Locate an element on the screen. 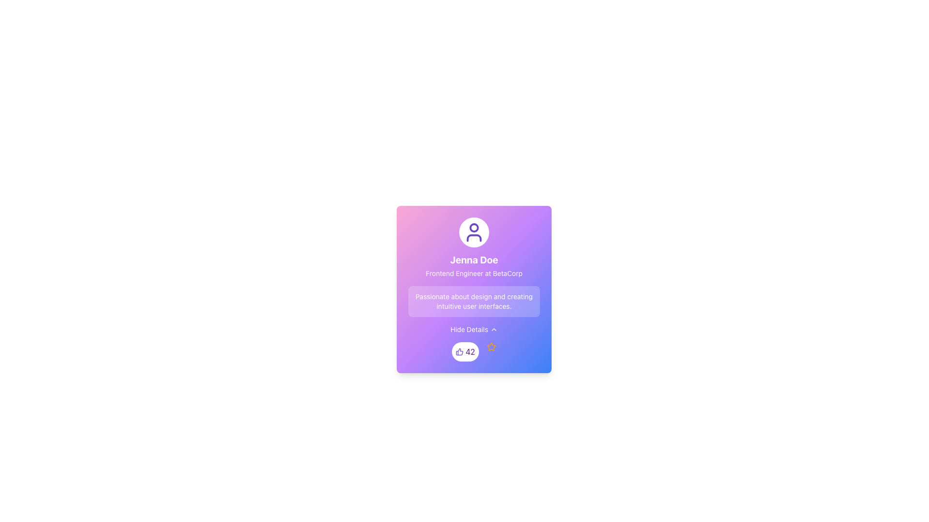  text label displaying 'Frontend Engineer at BetaCorp', which is the second text element in the vertical layout, located below 'Jenna Doe' and above the interests paragraph is located at coordinates (474, 274).